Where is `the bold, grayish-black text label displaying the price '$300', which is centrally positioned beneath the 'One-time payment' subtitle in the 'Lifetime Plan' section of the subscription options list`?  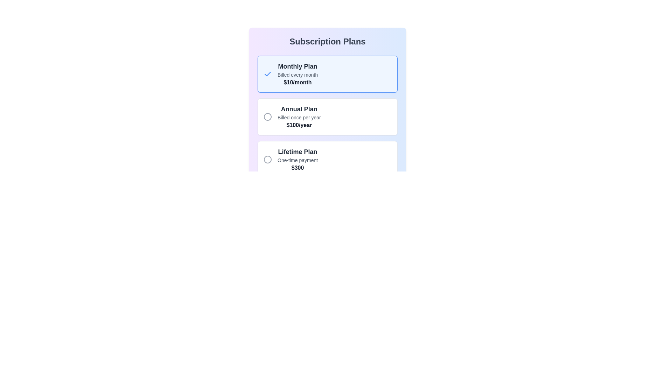
the bold, grayish-black text label displaying the price '$300', which is centrally positioned beneath the 'One-time payment' subtitle in the 'Lifetime Plan' section of the subscription options list is located at coordinates (297, 168).